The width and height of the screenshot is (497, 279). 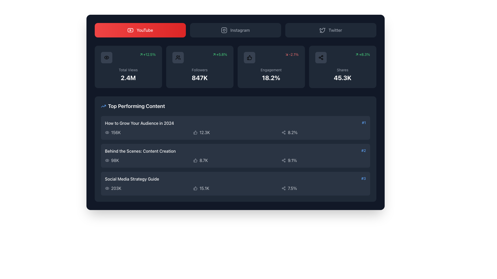 I want to click on the bottommost item in the 'Top Performing Content' section of the leaderboard, which displays the title in white and its rank in blue, so click(x=235, y=180).